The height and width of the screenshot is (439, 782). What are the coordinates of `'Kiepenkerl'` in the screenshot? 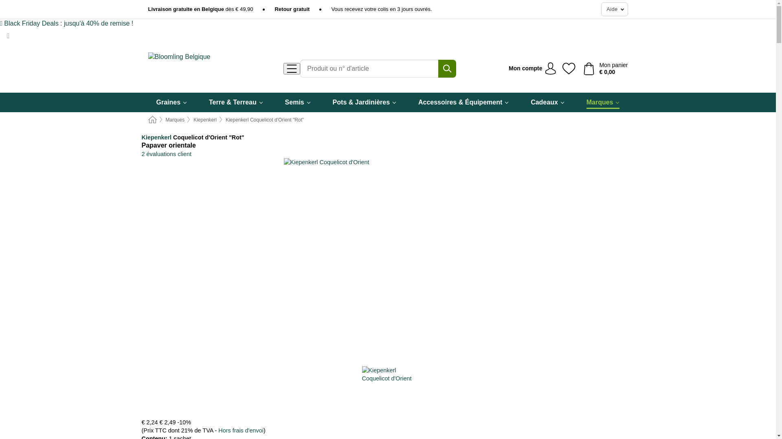 It's located at (205, 120).